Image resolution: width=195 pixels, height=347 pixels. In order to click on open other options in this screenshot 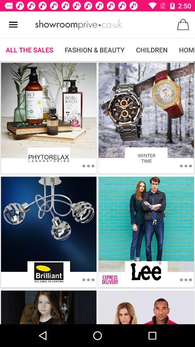, I will do `click(186, 279)`.